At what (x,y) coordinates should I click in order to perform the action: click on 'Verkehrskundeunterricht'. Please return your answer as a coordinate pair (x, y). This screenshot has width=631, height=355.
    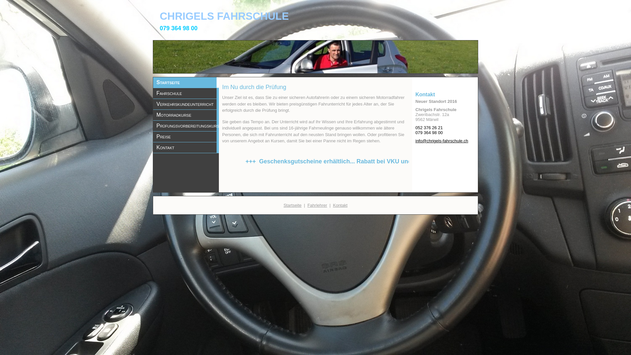
    Looking at the image, I should click on (186, 104).